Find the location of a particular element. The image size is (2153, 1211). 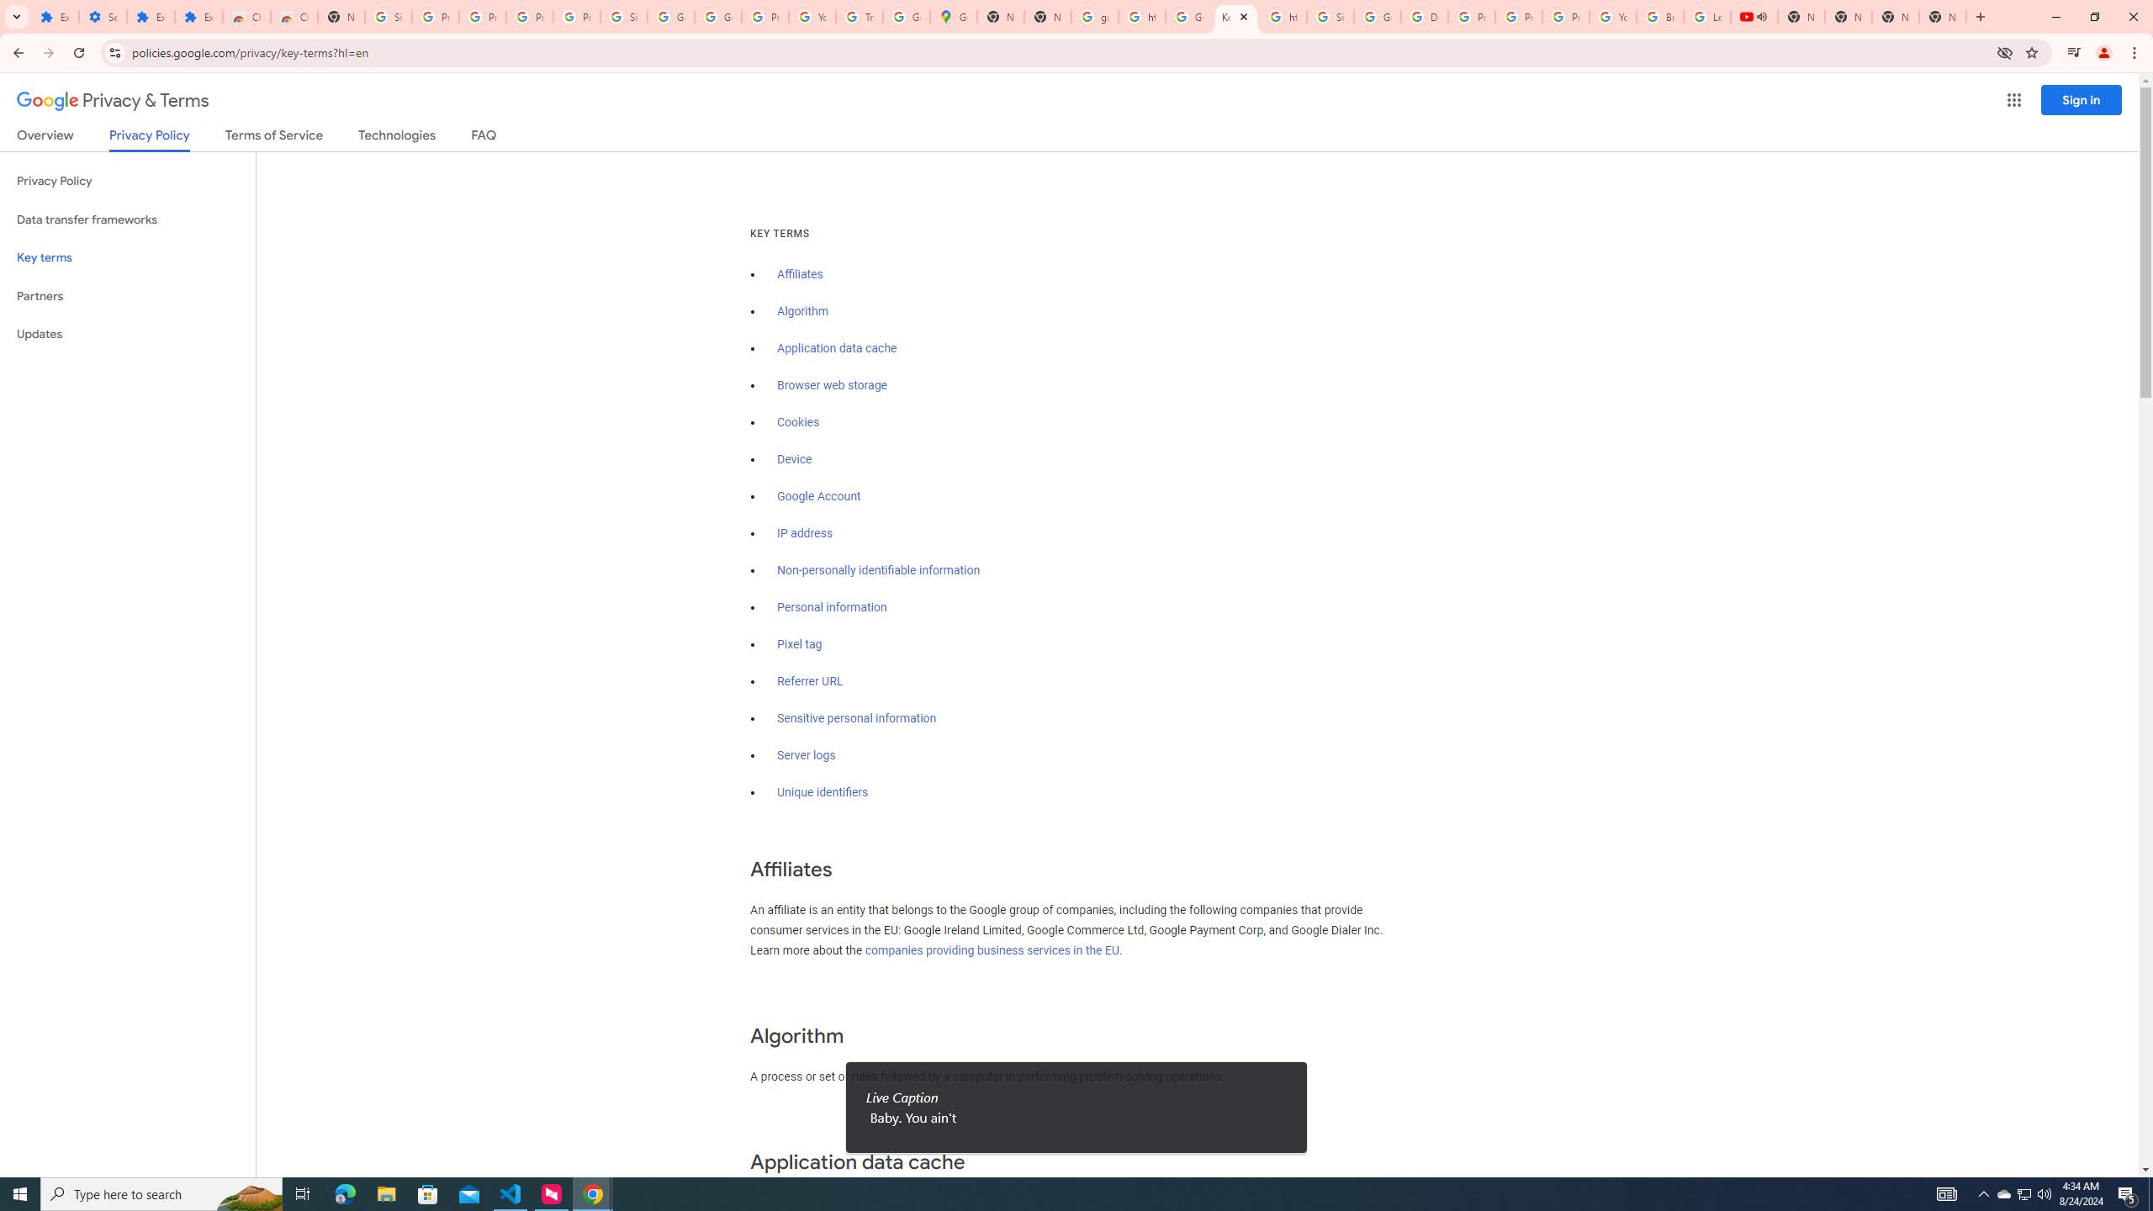

'New Tab' is located at coordinates (1943, 16).